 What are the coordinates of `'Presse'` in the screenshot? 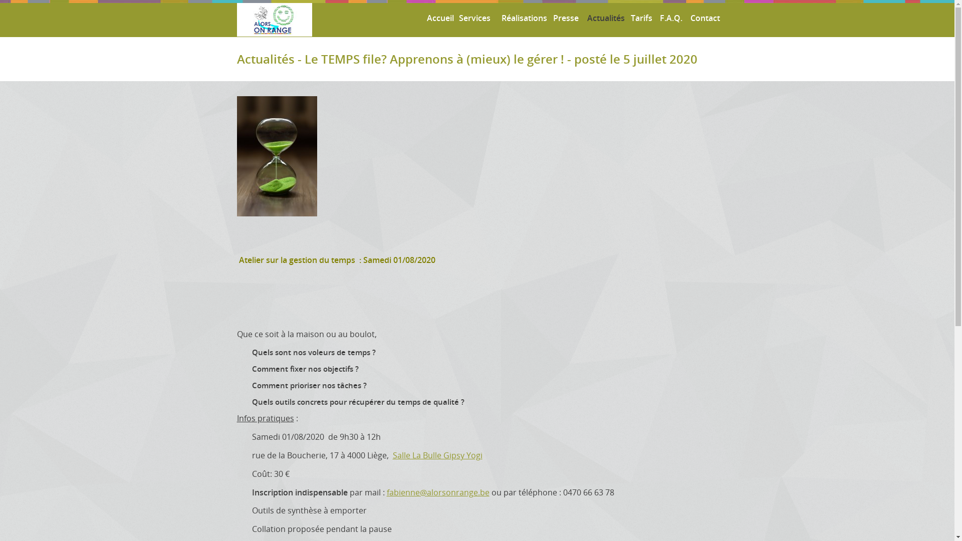 It's located at (564, 18).